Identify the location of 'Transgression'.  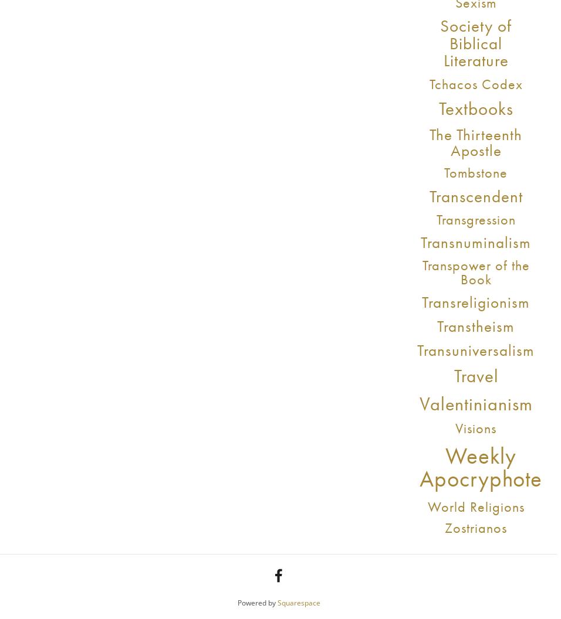
(475, 219).